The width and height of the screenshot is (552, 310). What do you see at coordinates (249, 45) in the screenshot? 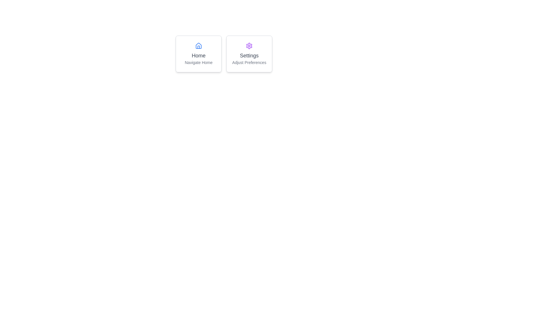
I see `the settings icon located within the 'Settings Adjust Preferences' card, positioned above the 'Settings' text` at bounding box center [249, 45].